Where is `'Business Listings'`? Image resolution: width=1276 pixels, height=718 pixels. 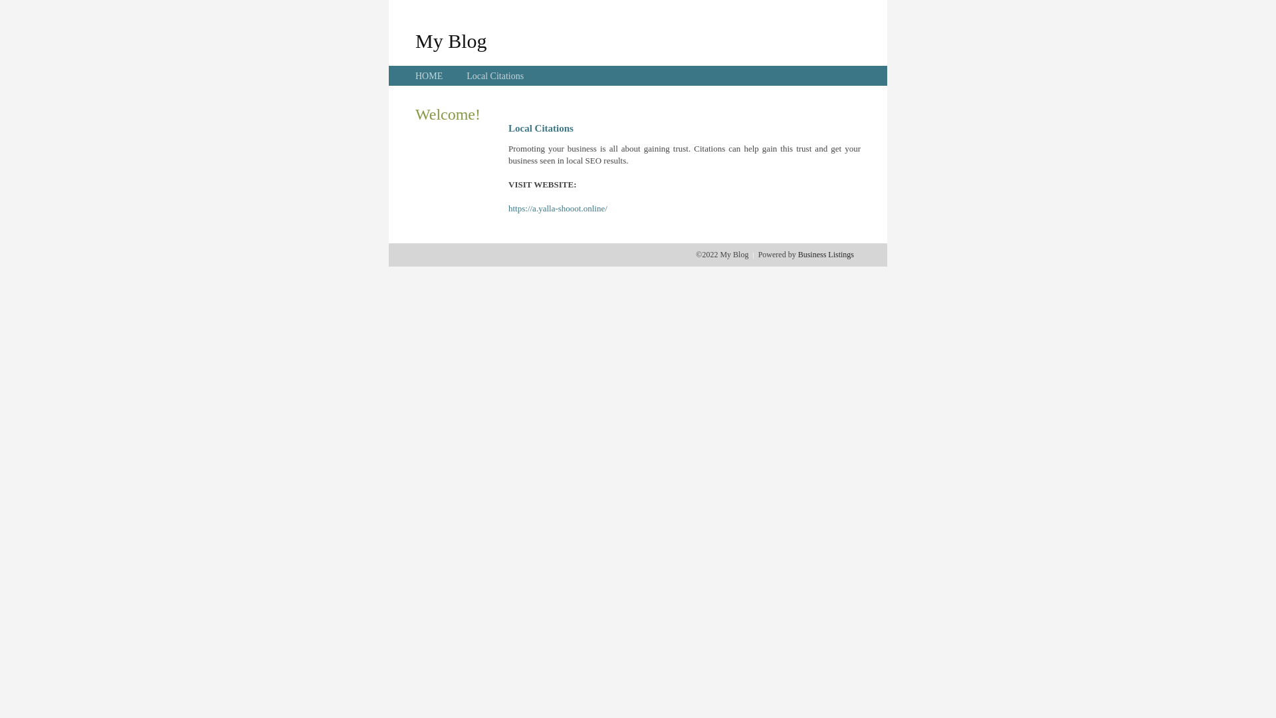
'Business Listings' is located at coordinates (797, 254).